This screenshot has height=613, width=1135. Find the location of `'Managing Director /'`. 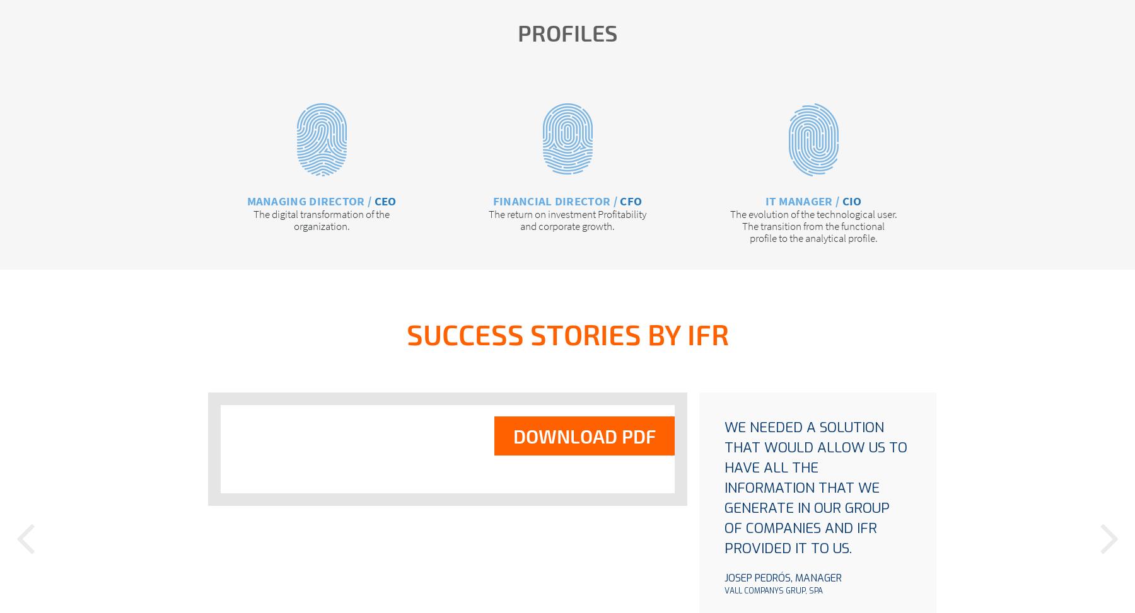

'Managing Director /' is located at coordinates (309, 200).